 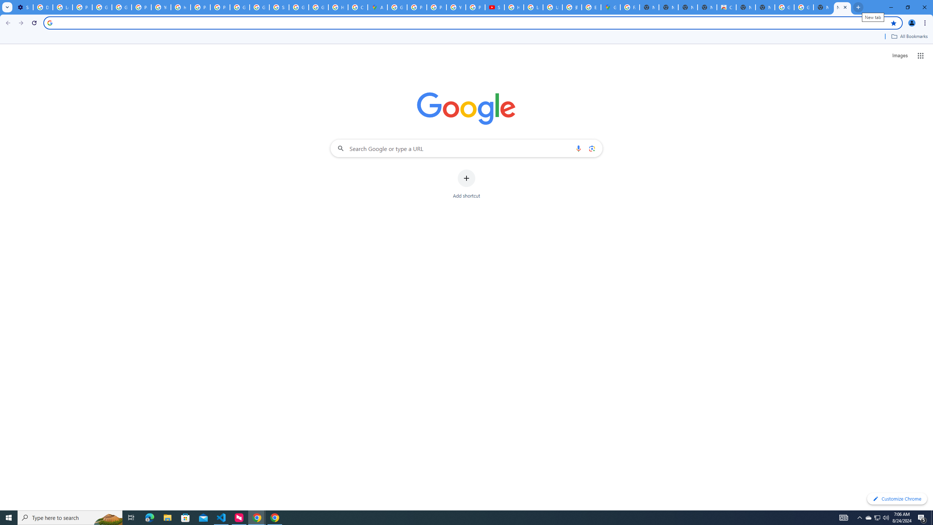 I want to click on 'Privacy Help Center - Policies Help', so click(x=437, y=7).